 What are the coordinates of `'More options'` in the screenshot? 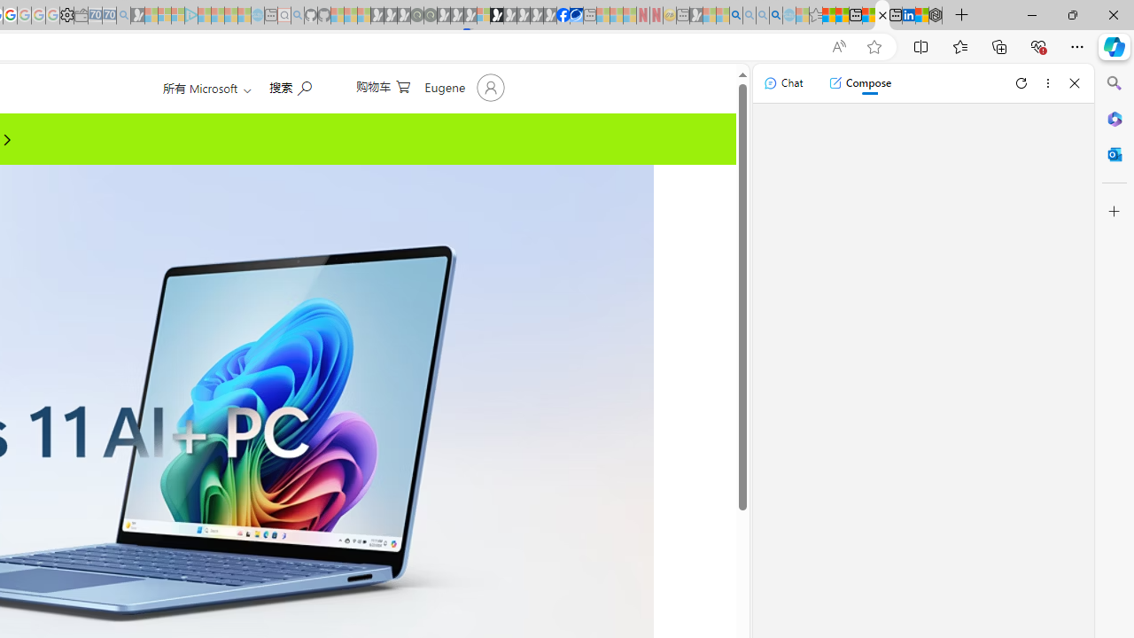 It's located at (1047, 82).